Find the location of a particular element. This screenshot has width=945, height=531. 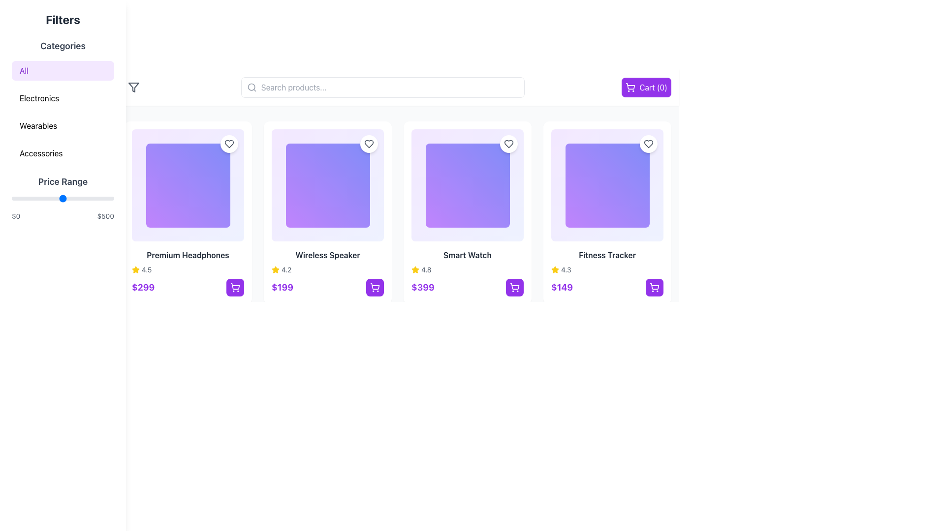

the 'Accessories' button styled in black font located in the sidebar under the 'Categories' title is located at coordinates (63, 153).